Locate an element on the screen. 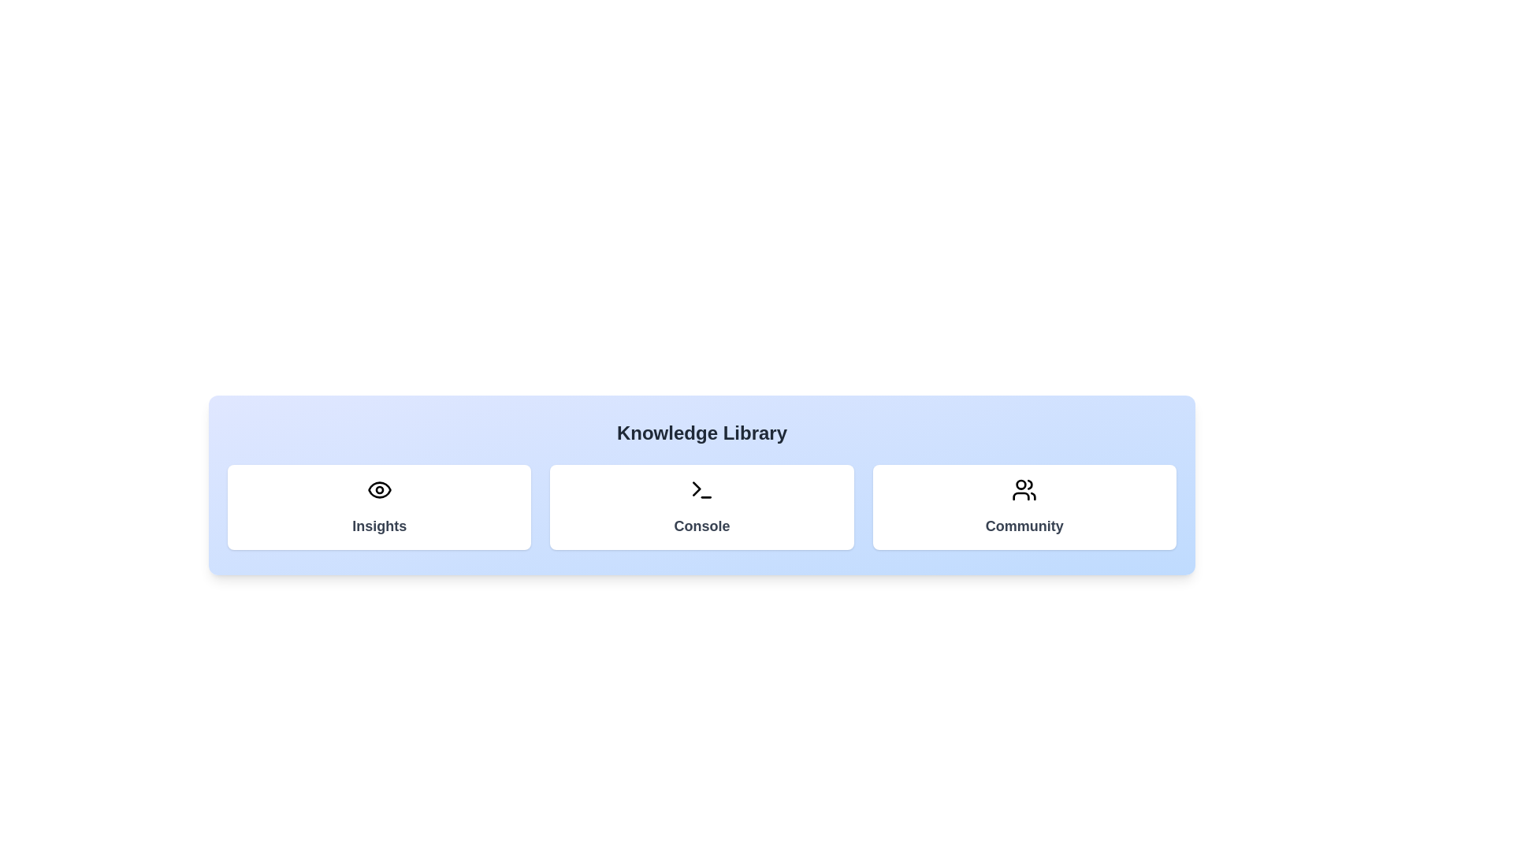  the eye-shaped icon located at the top central part of the 'Insights' card, symbolizing visibility or insights is located at coordinates (379, 489).